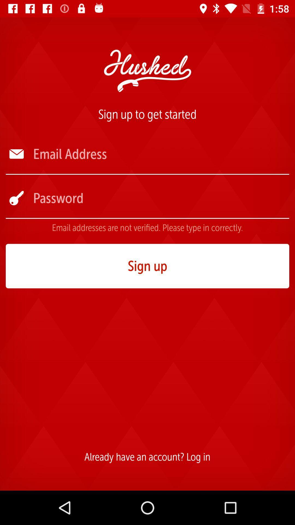 The width and height of the screenshot is (295, 525). Describe the element at coordinates (160, 198) in the screenshot. I see `password` at that location.